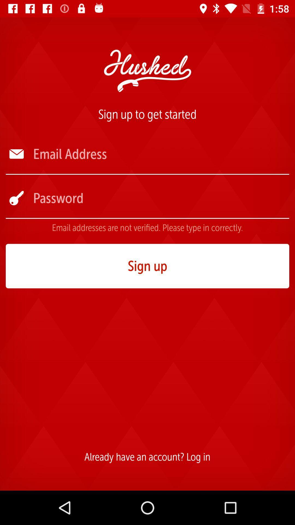 The width and height of the screenshot is (295, 525). Describe the element at coordinates (160, 198) in the screenshot. I see `password` at that location.